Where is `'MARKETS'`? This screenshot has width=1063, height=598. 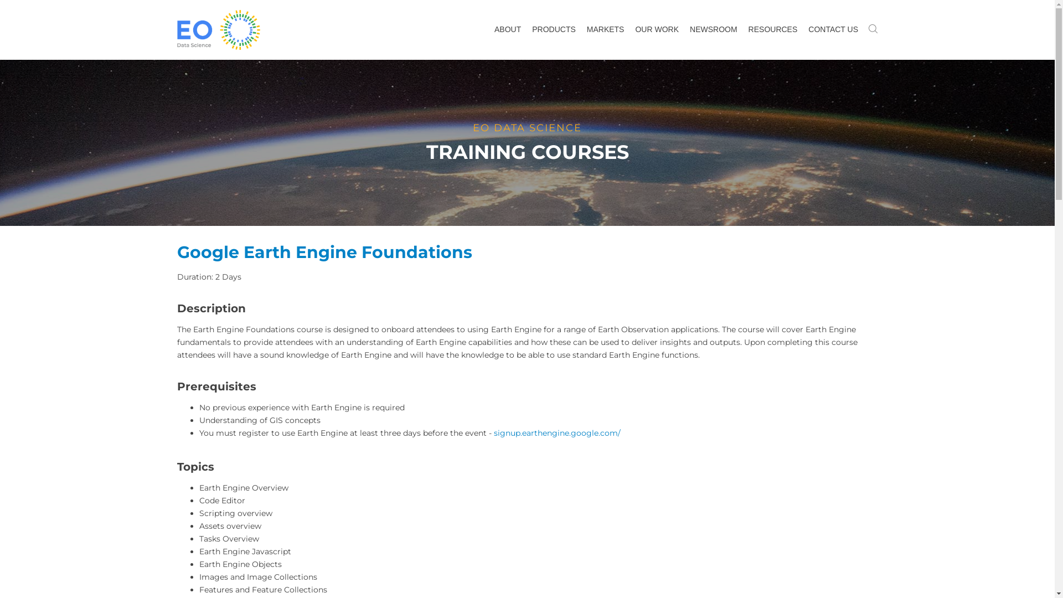
'MARKETS' is located at coordinates (605, 29).